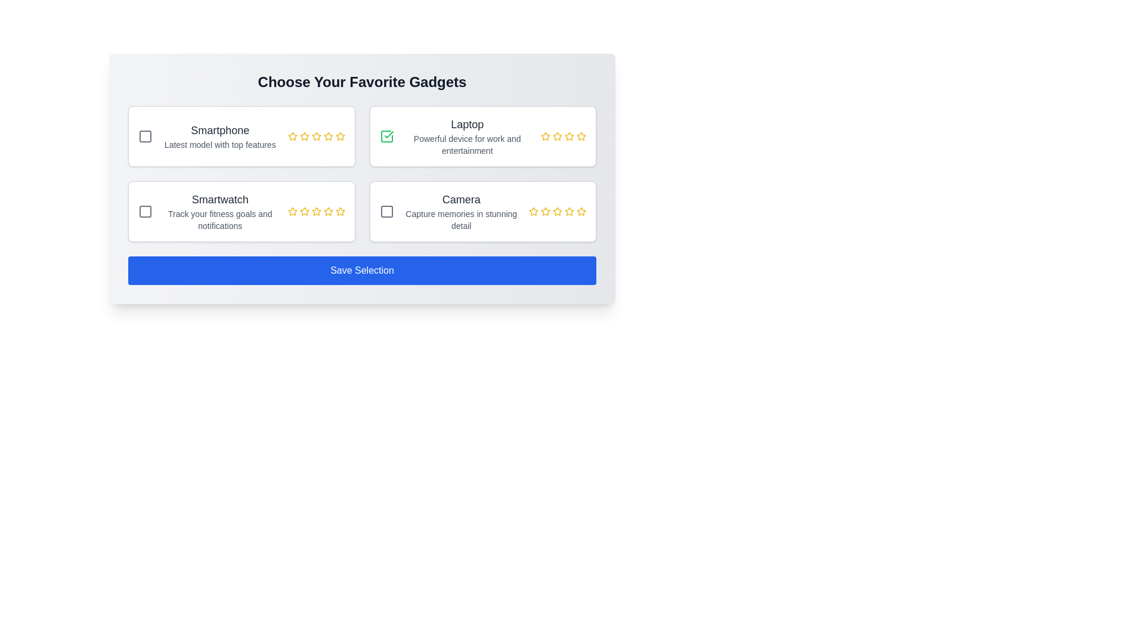 The width and height of the screenshot is (1145, 644). Describe the element at coordinates (316, 210) in the screenshot. I see `the fourth star icon in the 'Smartwatch' gadget rating row` at that location.